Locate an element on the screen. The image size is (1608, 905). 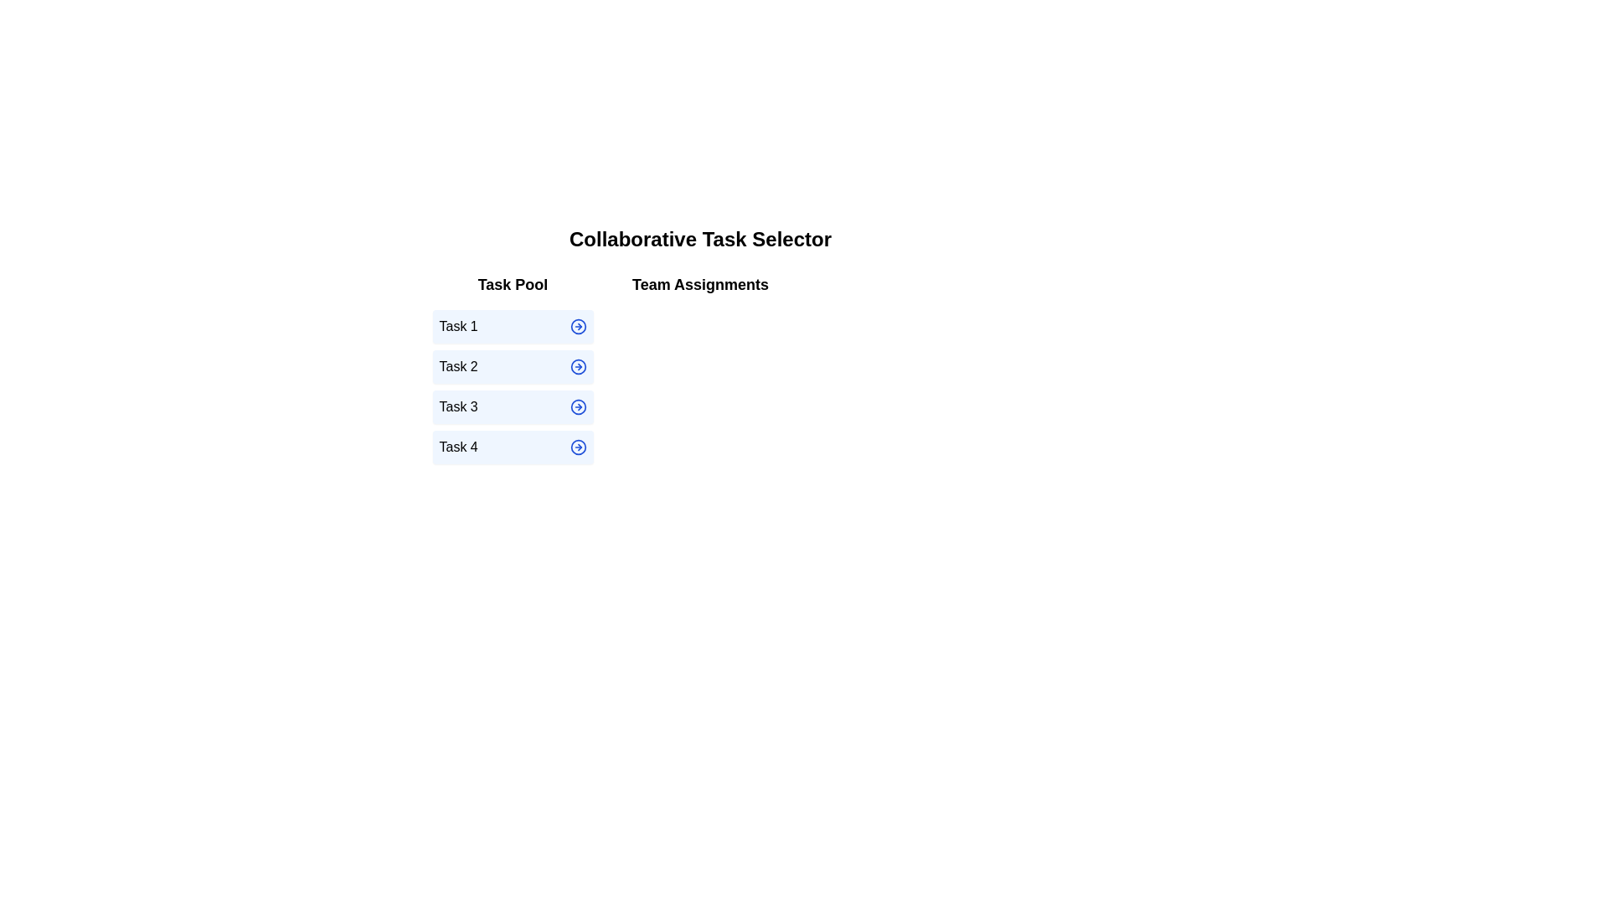
the arrow icon next to the task Task 3 in the Task Pool to move it to Team Assignments is located at coordinates (578, 407).